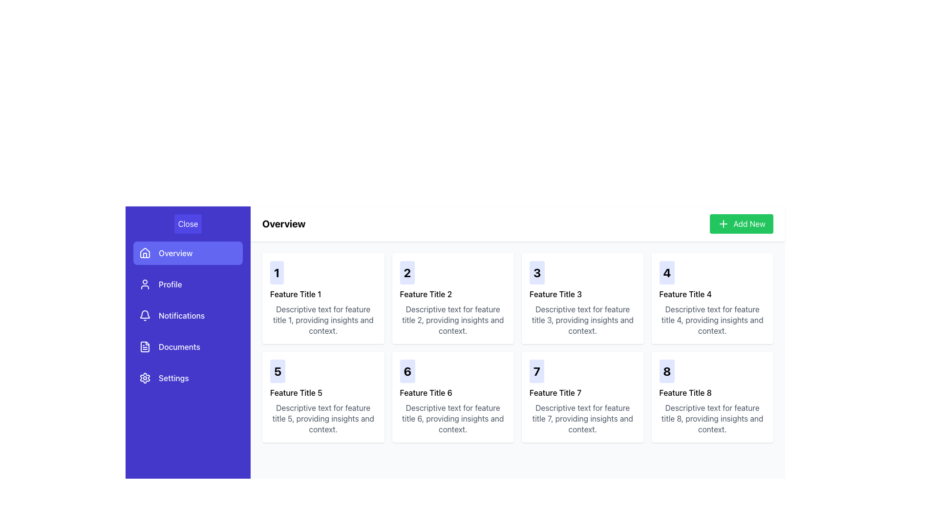  Describe the element at coordinates (145, 284) in the screenshot. I see `the 'Profile' icon in the left sidebar` at that location.